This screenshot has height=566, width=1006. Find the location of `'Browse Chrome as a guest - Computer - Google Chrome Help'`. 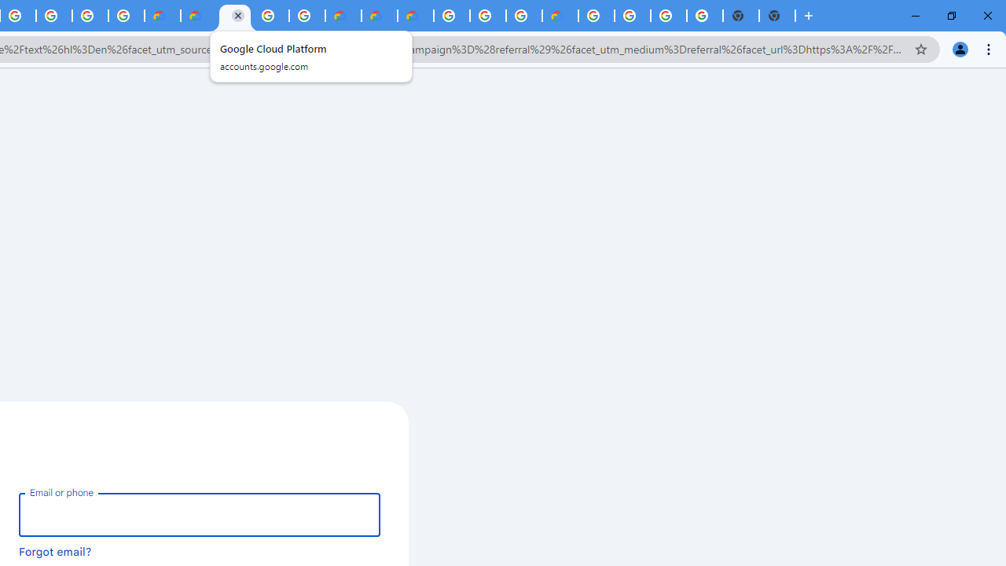

'Browse Chrome as a guest - Computer - Google Chrome Help' is located at coordinates (523, 16).